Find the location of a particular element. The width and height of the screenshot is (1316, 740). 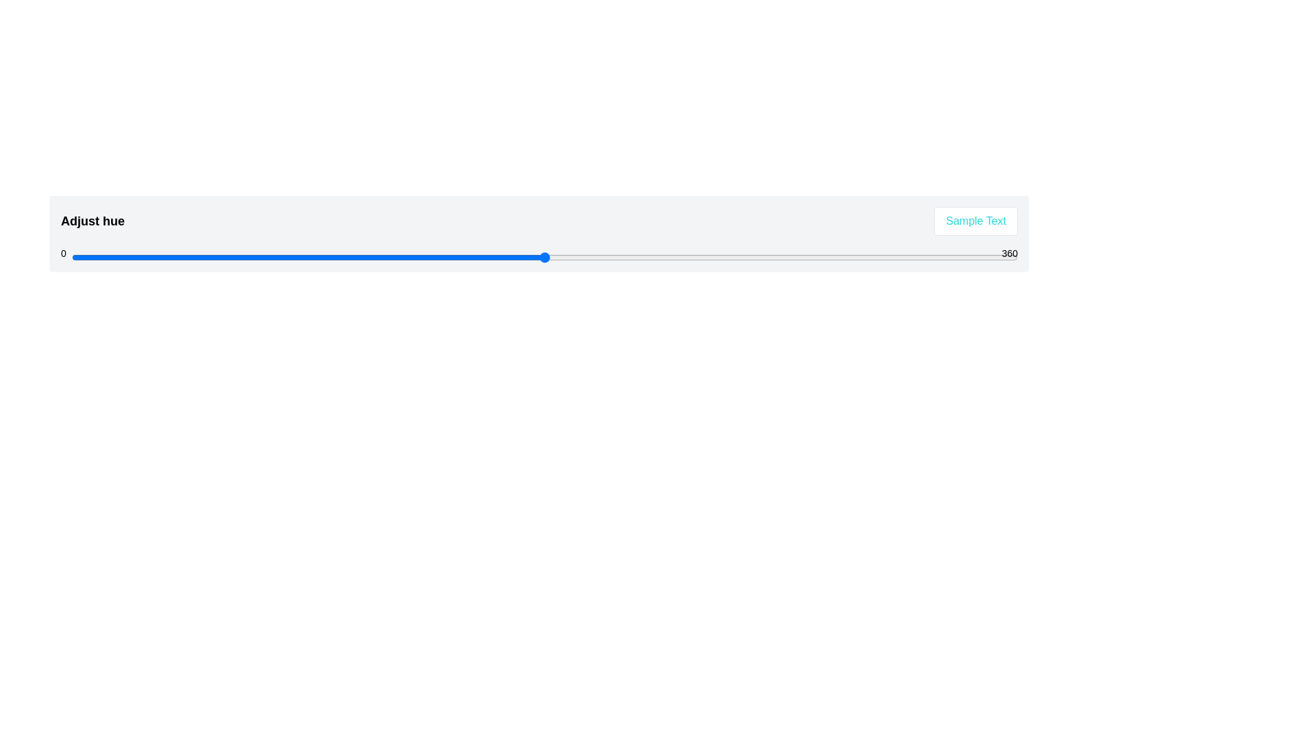

the hue slider to set the hue value to 50 is located at coordinates (202, 257).